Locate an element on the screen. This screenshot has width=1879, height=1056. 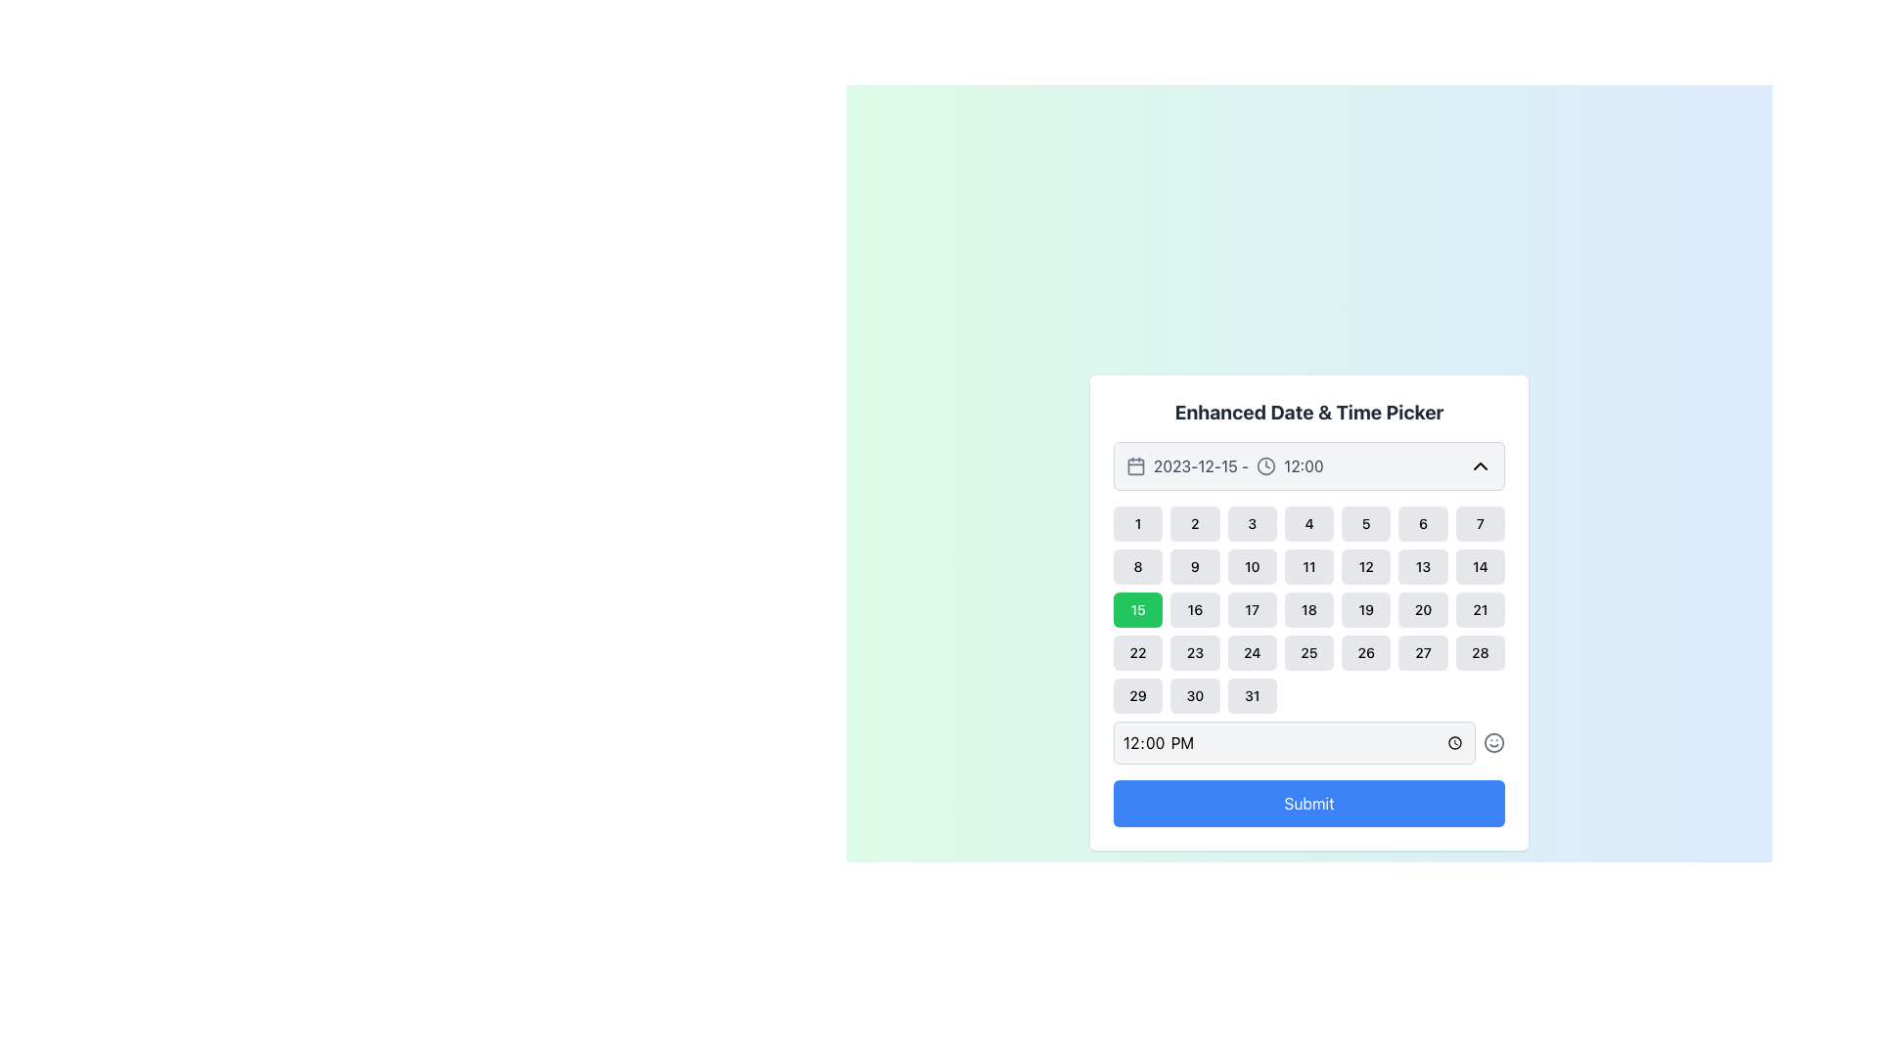
the button labeled '22' in the calendar component is located at coordinates (1138, 652).